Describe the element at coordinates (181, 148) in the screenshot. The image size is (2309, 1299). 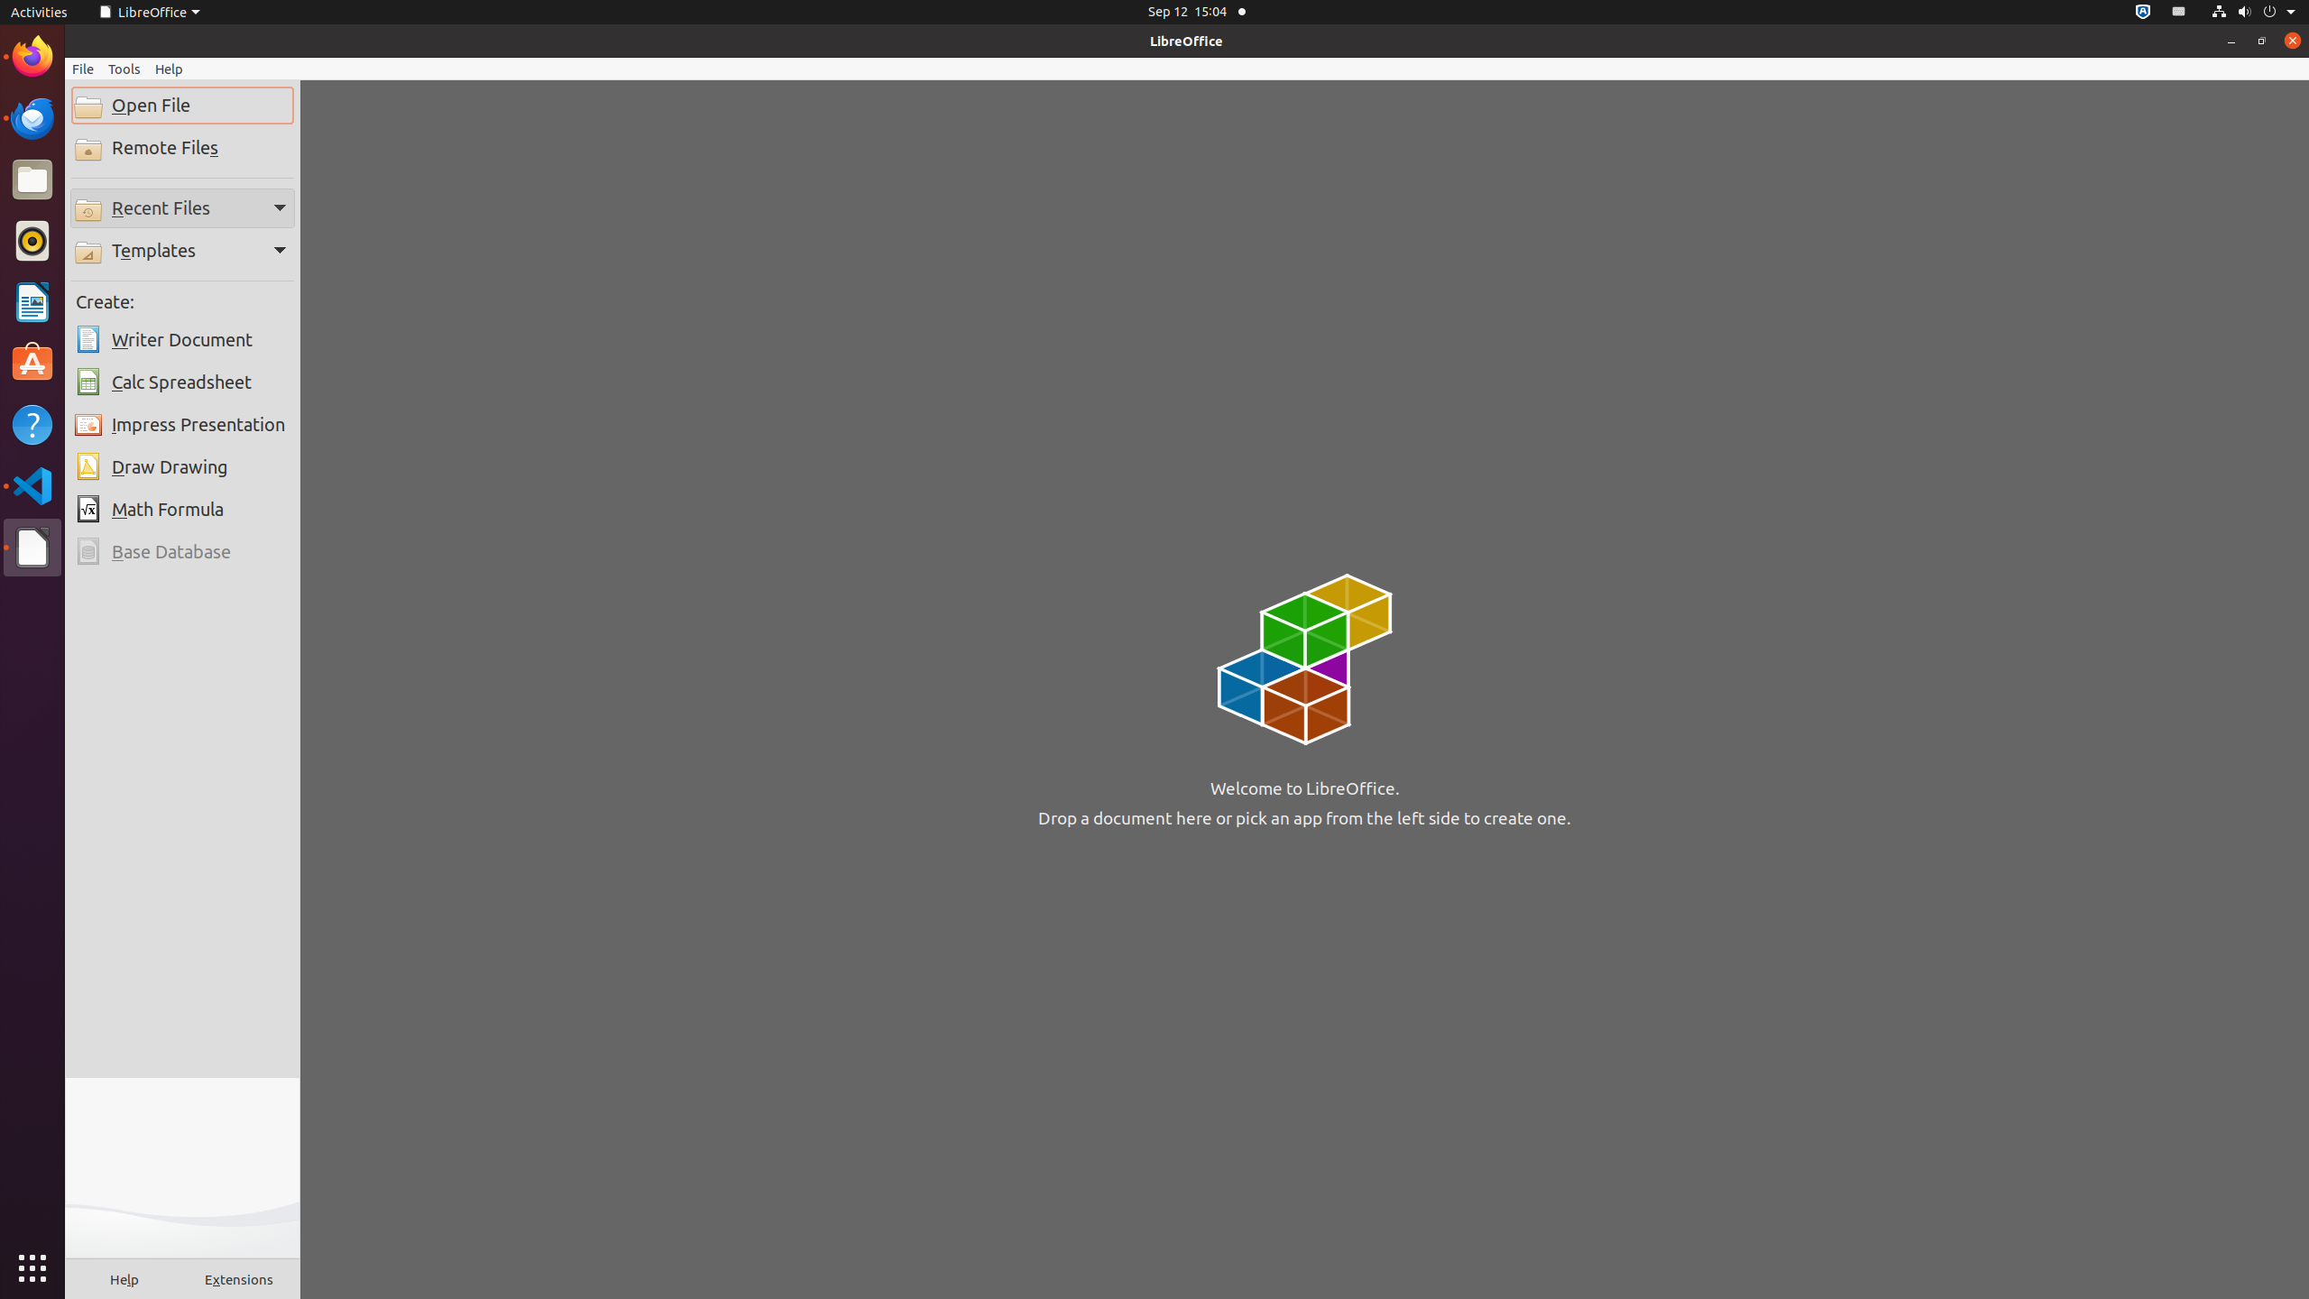
I see `'Remote Files'` at that location.